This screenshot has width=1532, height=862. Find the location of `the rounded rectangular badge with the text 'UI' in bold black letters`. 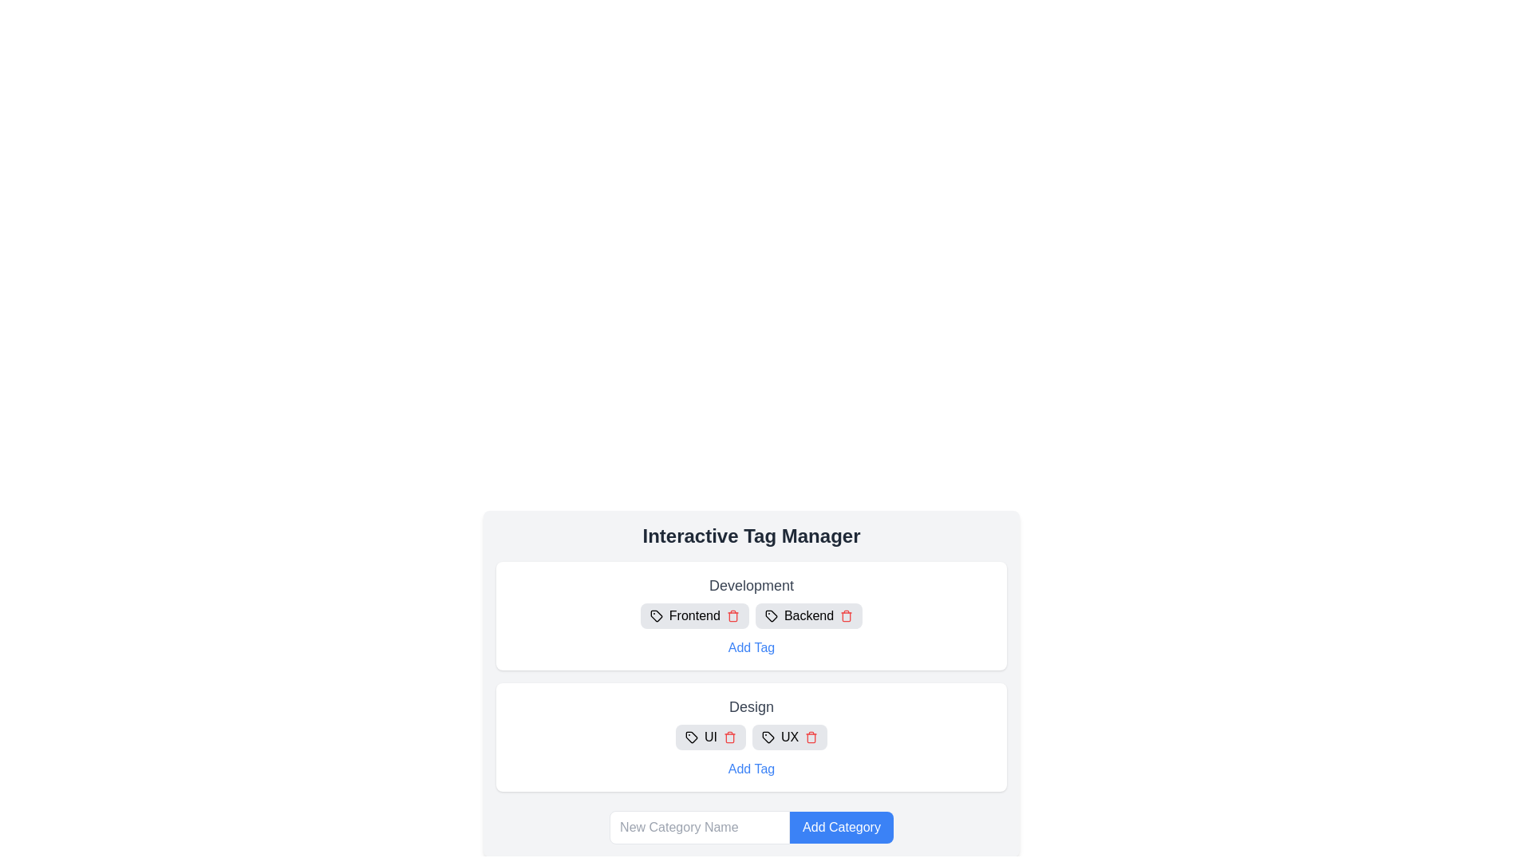

the rounded rectangular badge with the text 'UI' in bold black letters is located at coordinates (709, 737).